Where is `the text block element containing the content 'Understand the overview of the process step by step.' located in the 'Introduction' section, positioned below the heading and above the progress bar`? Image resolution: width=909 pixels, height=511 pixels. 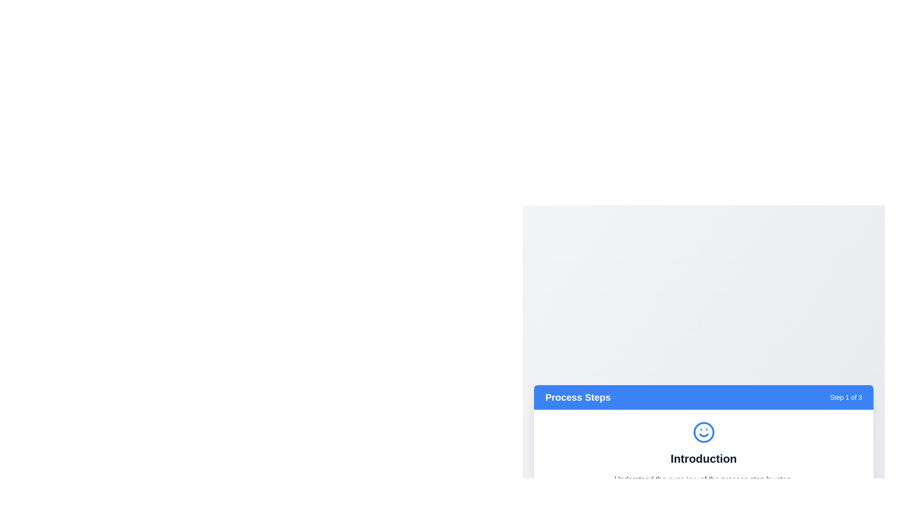 the text block element containing the content 'Understand the overview of the process step by step.' located in the 'Introduction' section, positioned below the heading and above the progress bar is located at coordinates (704, 479).